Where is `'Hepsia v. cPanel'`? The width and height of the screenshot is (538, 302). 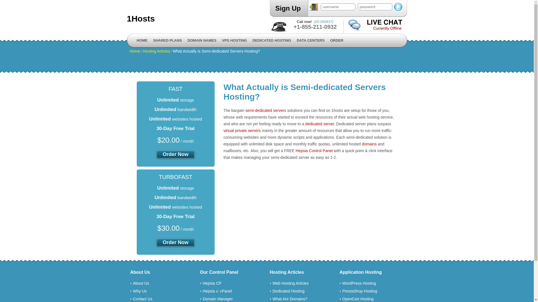 'Hepsia v. cPanel' is located at coordinates (217, 291).